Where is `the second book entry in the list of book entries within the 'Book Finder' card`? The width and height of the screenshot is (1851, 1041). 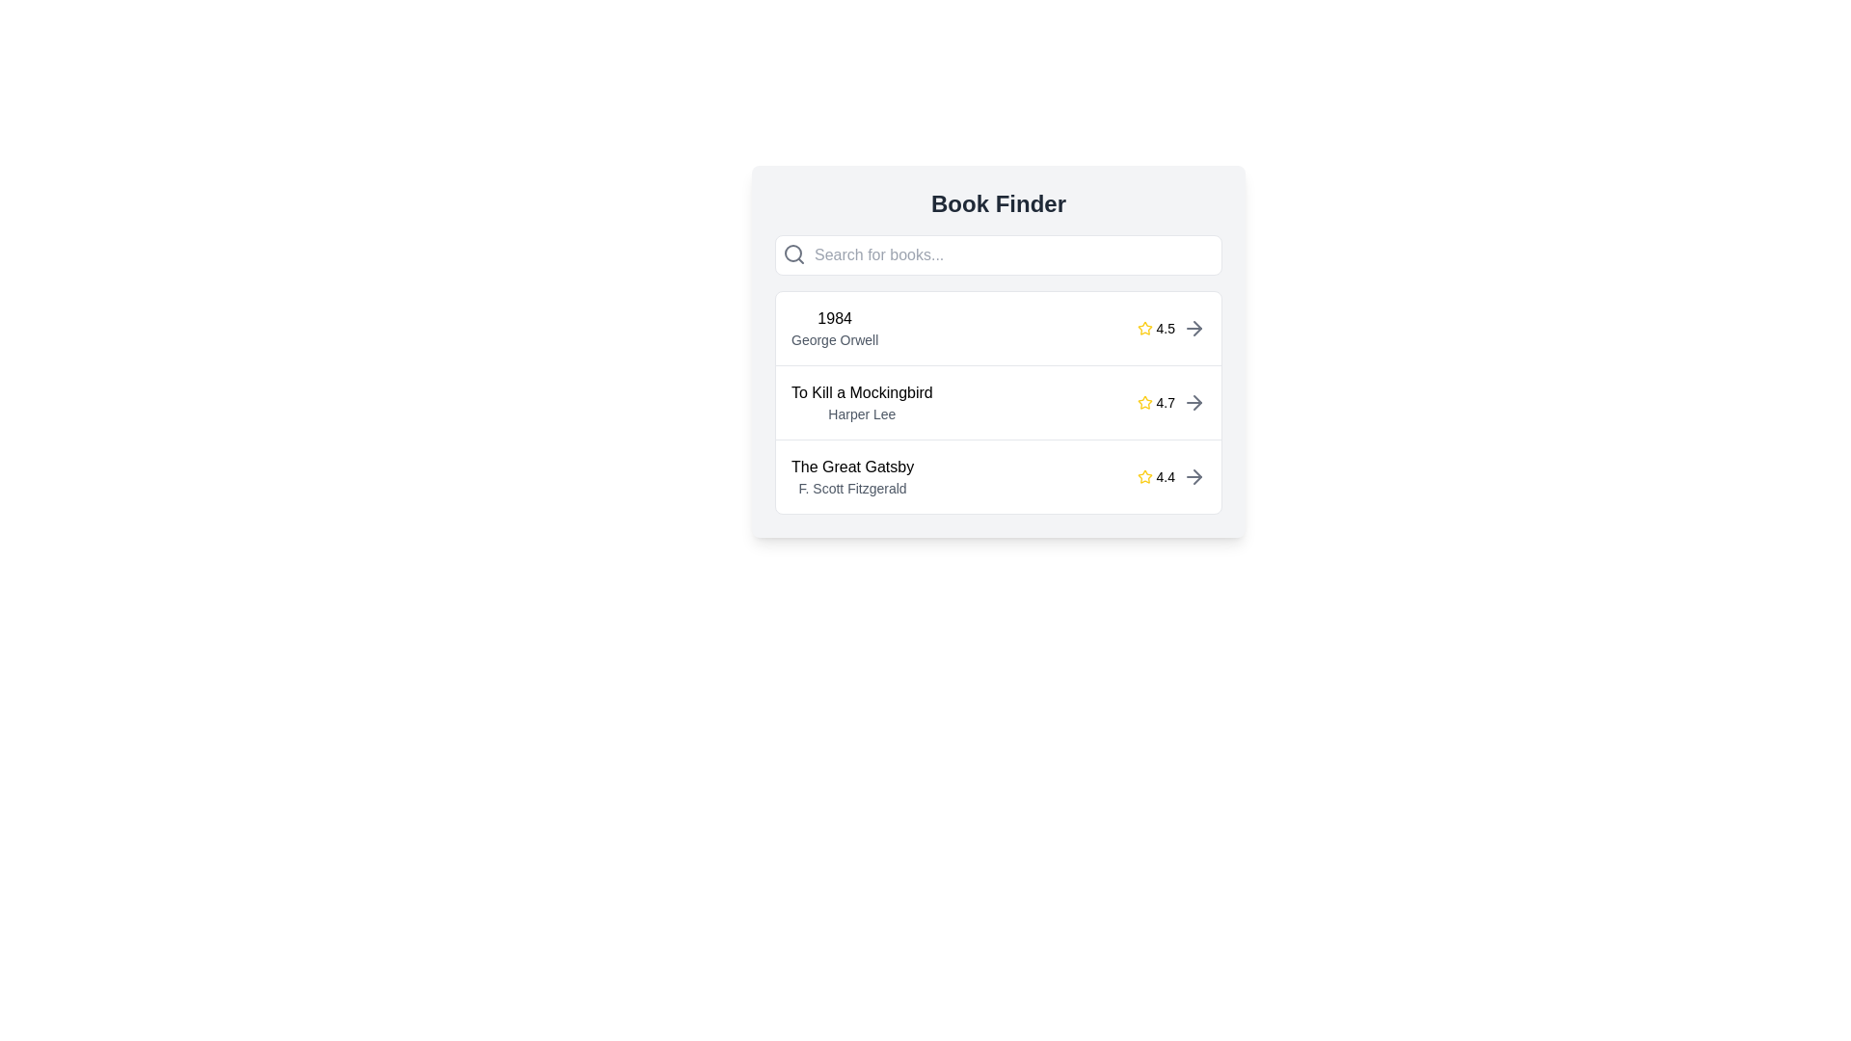 the second book entry in the list of book entries within the 'Book Finder' card is located at coordinates (999, 401).